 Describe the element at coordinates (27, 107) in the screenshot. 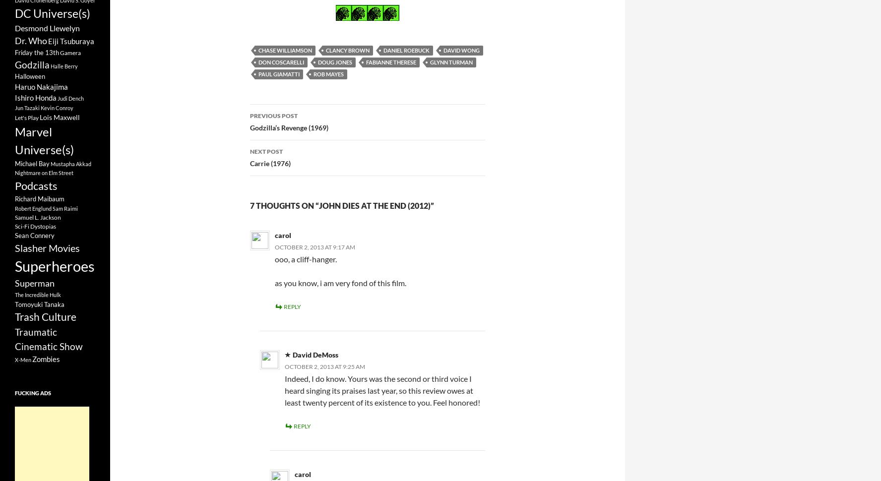

I see `'Jun Tazaki'` at that location.